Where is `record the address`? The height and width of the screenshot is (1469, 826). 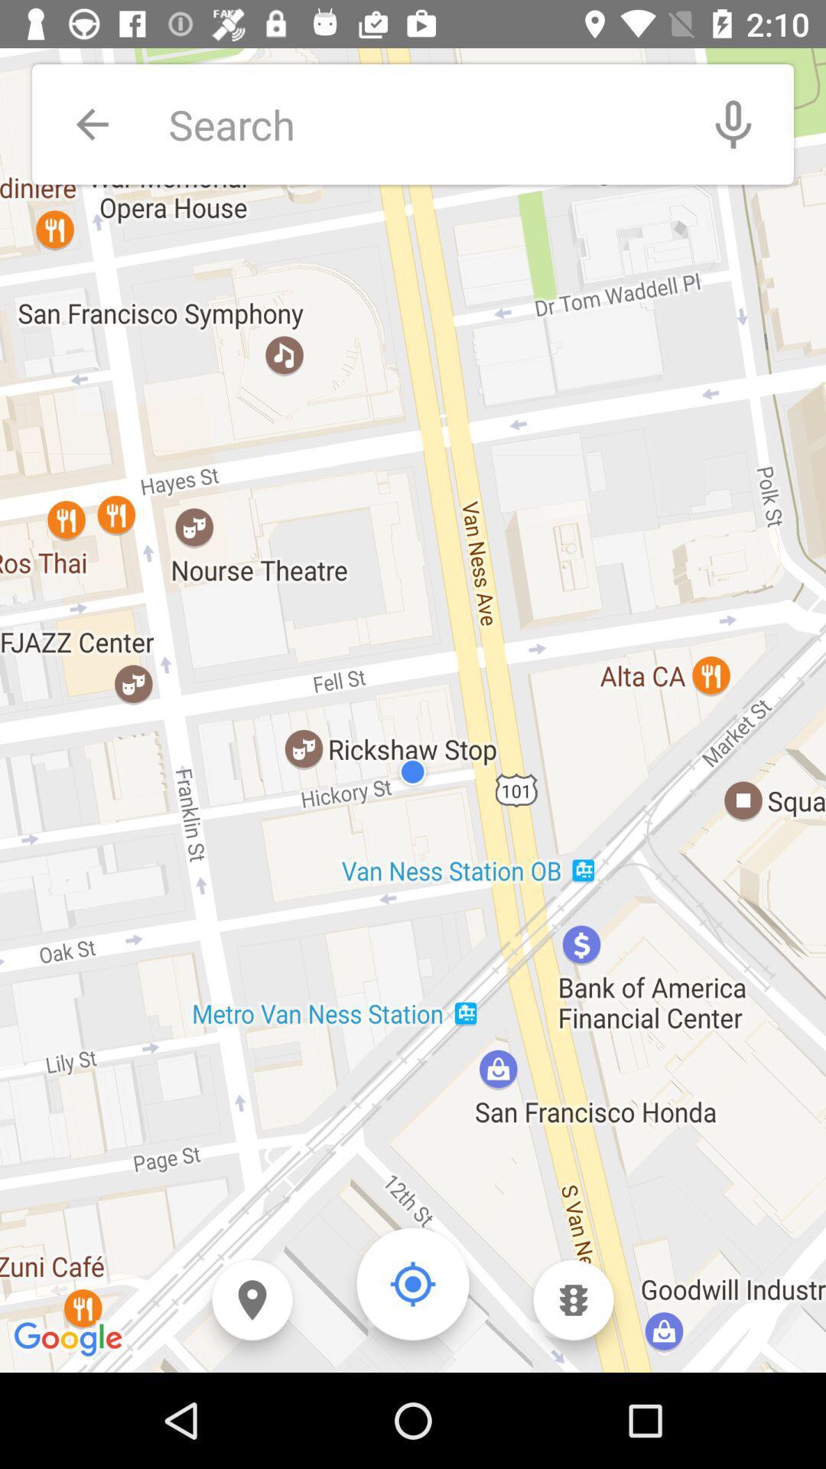
record the address is located at coordinates (733, 124).